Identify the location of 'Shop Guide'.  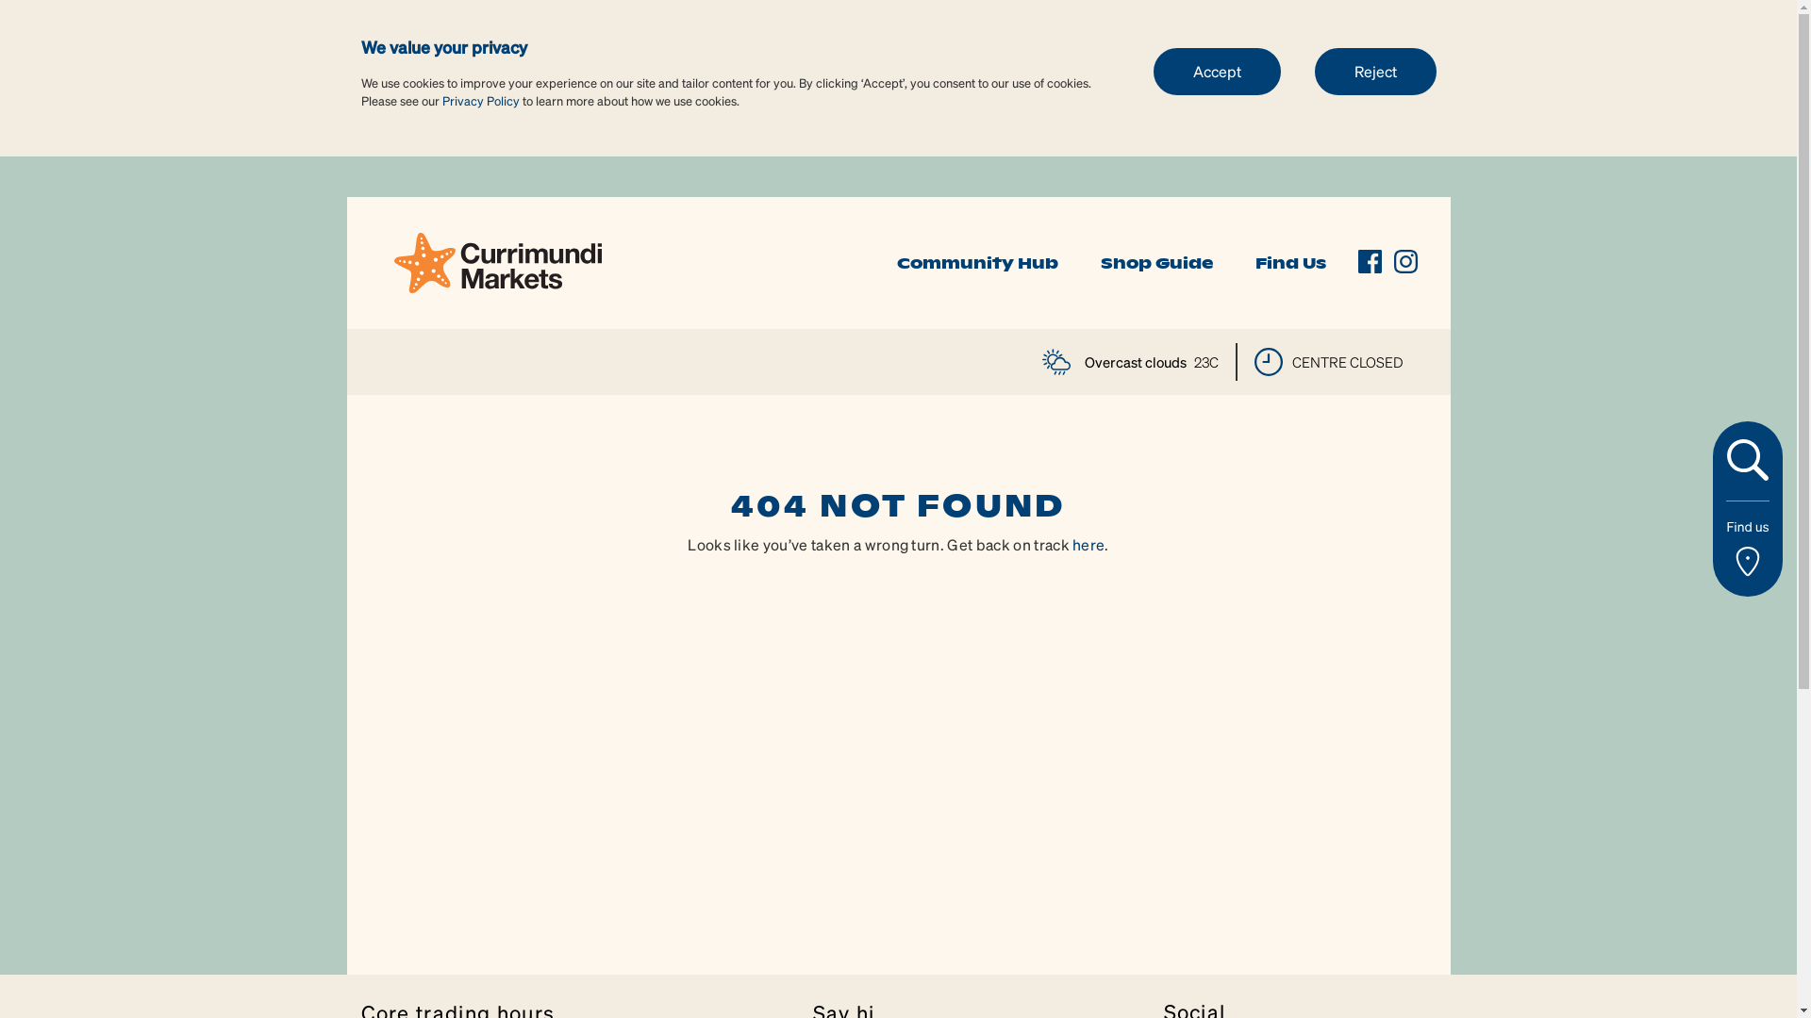
(1100, 263).